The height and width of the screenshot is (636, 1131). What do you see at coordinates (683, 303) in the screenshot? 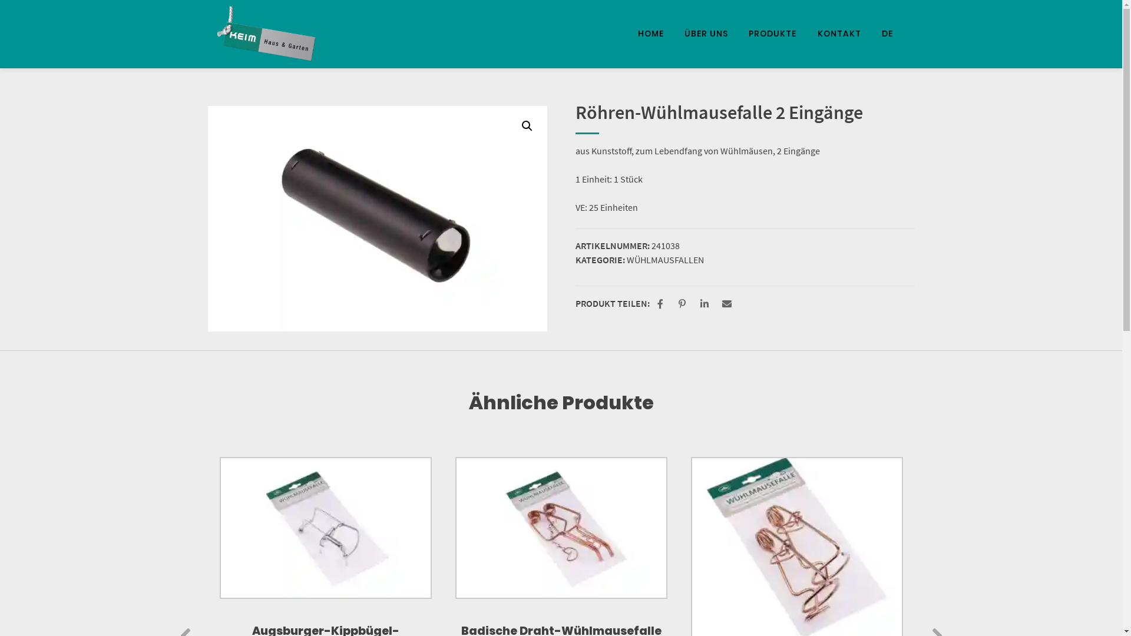
I see `'Bei Pinterest pinnen'` at bounding box center [683, 303].